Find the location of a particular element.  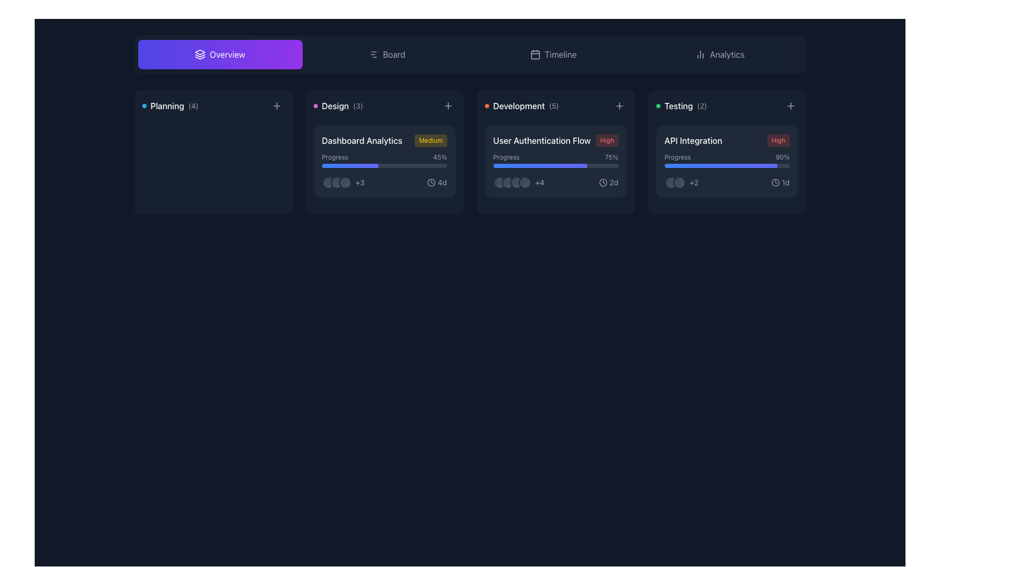

the Decorative icon located in the top navigation bar, which is the first of three similar symbols representing layered structures is located at coordinates (200, 52).